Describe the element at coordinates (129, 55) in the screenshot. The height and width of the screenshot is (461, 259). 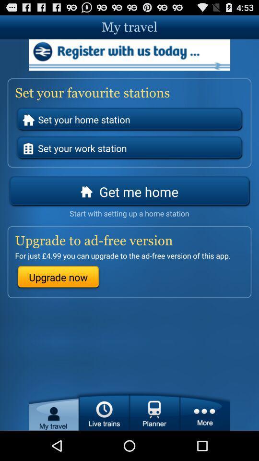
I see `the advertisement` at that location.